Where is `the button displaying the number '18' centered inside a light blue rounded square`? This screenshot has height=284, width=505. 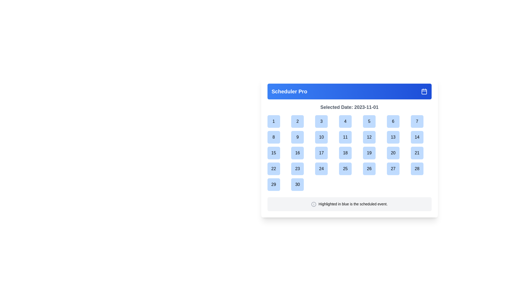 the button displaying the number '18' centered inside a light blue rounded square is located at coordinates (349, 153).